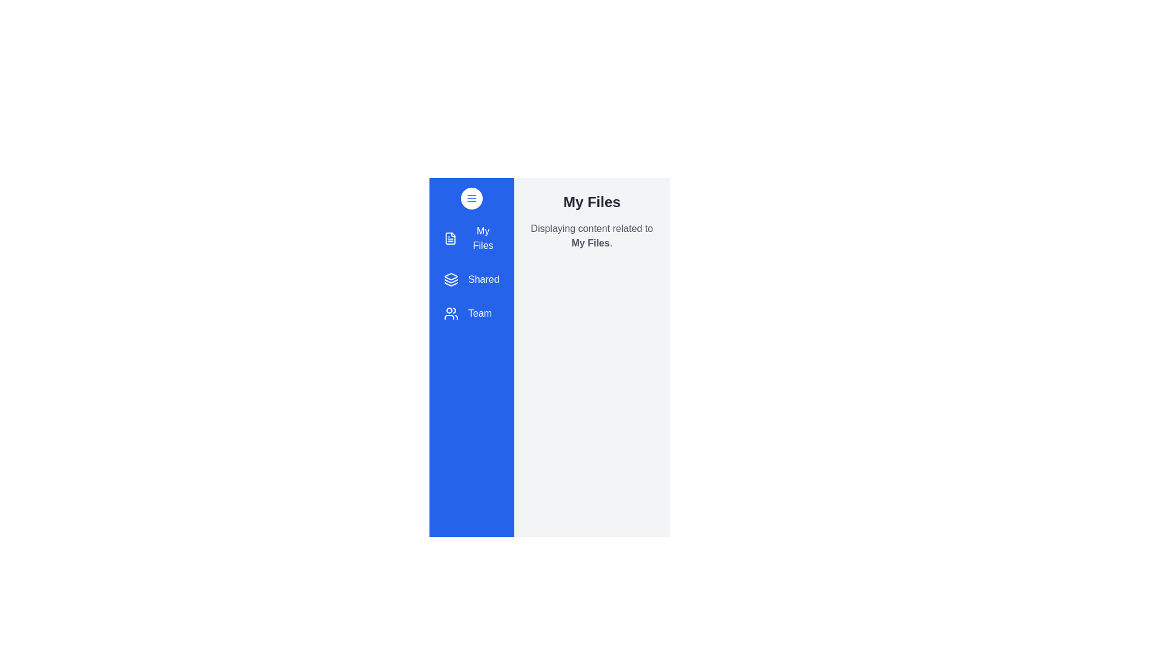 Image resolution: width=1163 pixels, height=654 pixels. What do you see at coordinates (470, 312) in the screenshot?
I see `the section Team in the drawer to view its content` at bounding box center [470, 312].